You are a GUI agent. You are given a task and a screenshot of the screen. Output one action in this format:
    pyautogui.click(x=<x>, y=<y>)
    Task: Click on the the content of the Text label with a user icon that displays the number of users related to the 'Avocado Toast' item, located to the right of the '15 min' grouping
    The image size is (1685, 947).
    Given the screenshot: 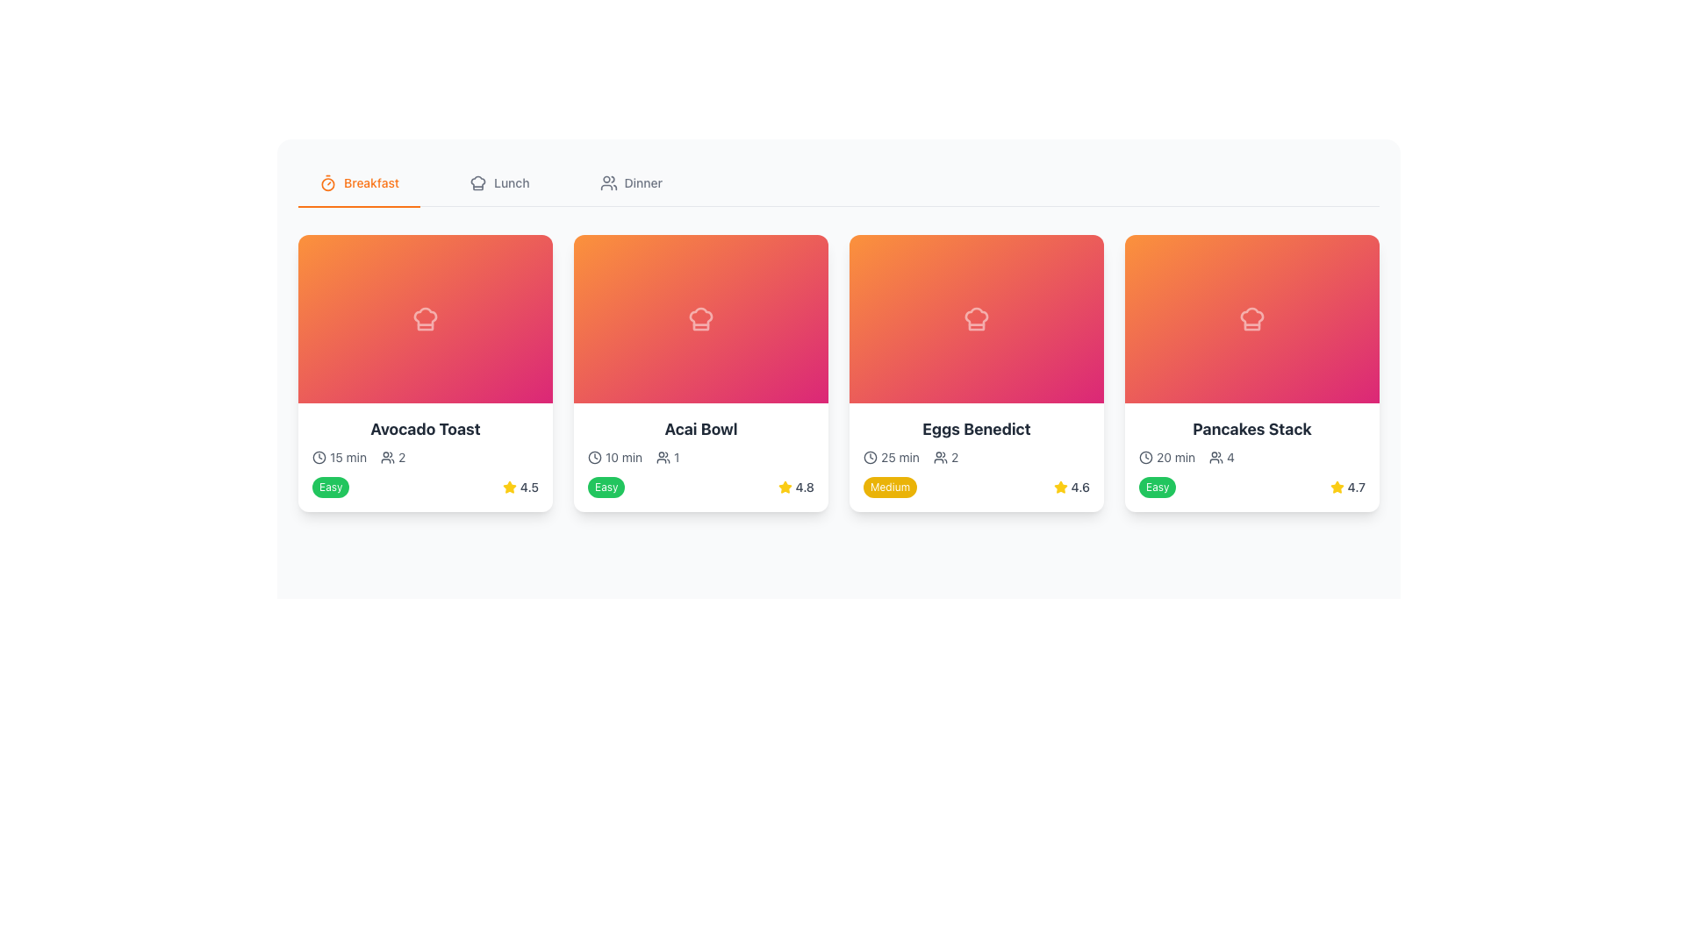 What is the action you would take?
    pyautogui.click(x=392, y=456)
    